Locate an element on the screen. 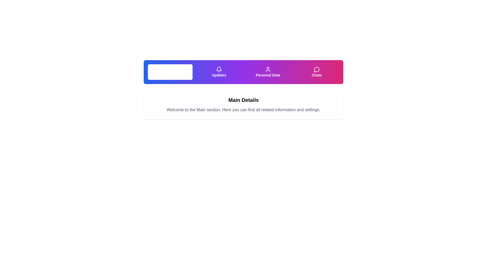 Image resolution: width=499 pixels, height=280 pixels. the outline bell icon styled with a purple-hued fill located under the 'Updates' label in the top navigation bar is located at coordinates (219, 68).